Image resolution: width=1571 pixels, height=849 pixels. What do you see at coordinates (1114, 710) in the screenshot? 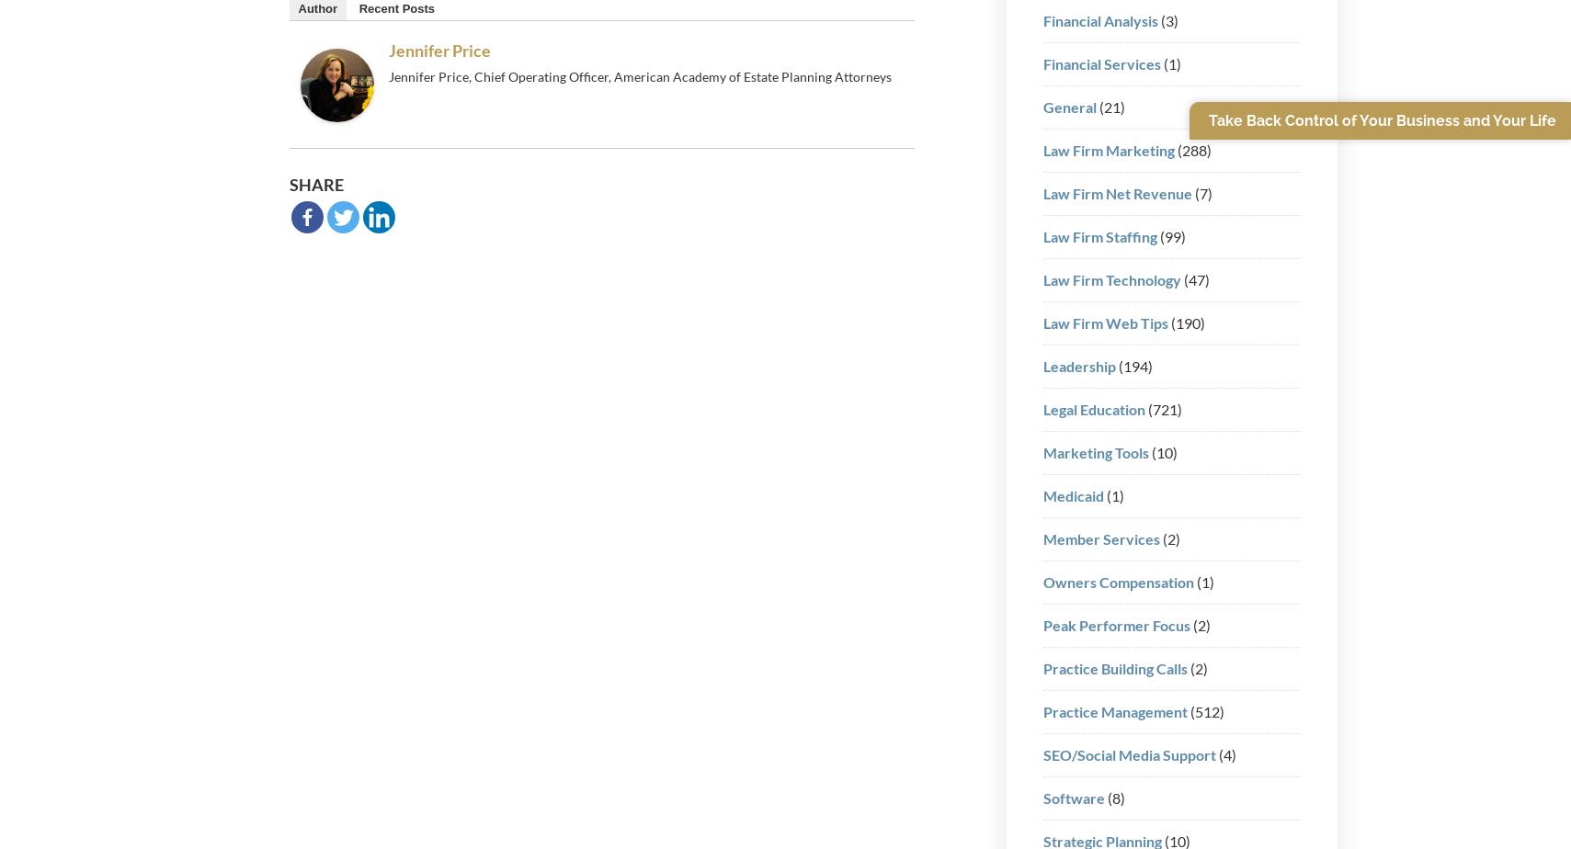
I see `'Practice Management'` at bounding box center [1114, 710].